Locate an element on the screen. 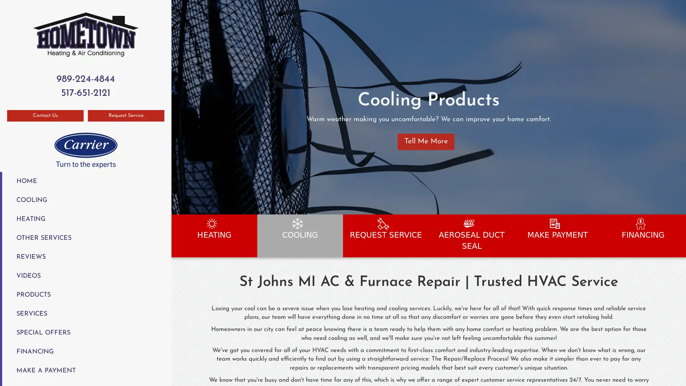 Image resolution: width=686 pixels, height=386 pixels. Request Service is located at coordinates (126, 115).